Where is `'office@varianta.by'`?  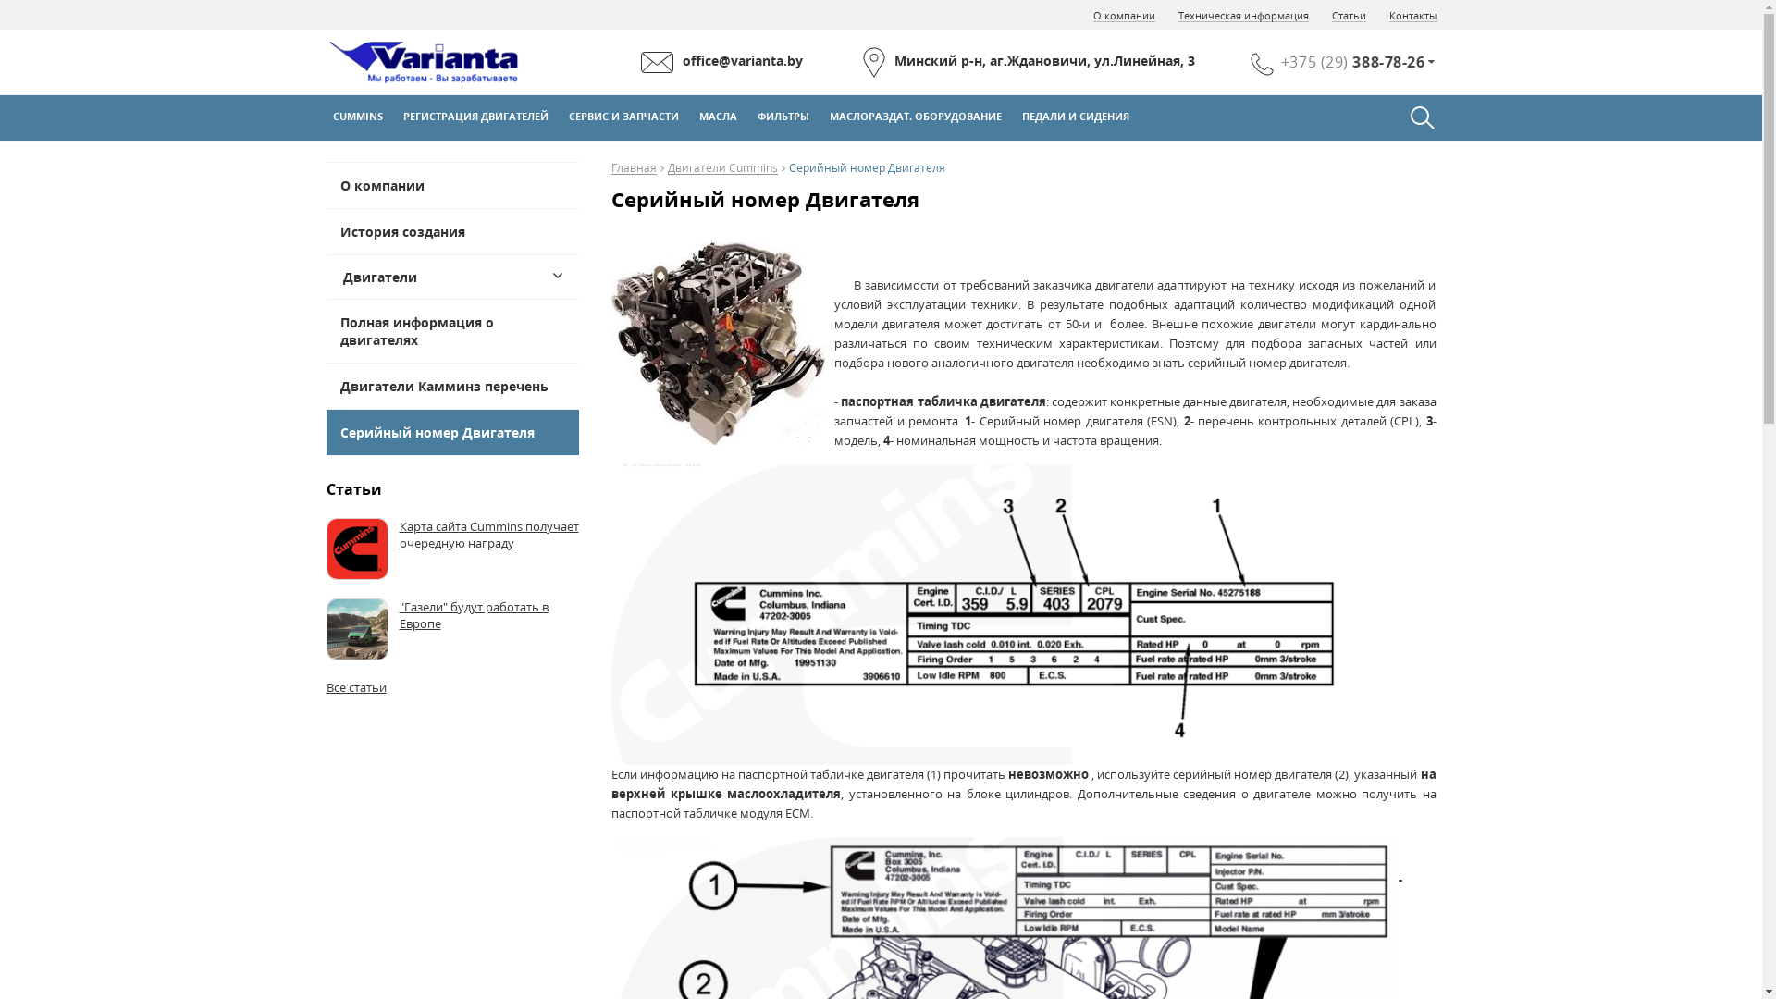
'office@varianta.by' is located at coordinates (721, 61).